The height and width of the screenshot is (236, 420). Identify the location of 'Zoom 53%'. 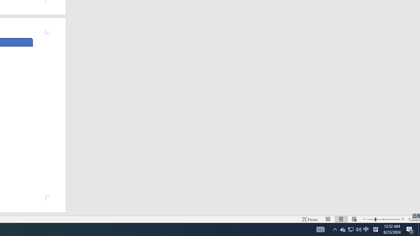
(412, 219).